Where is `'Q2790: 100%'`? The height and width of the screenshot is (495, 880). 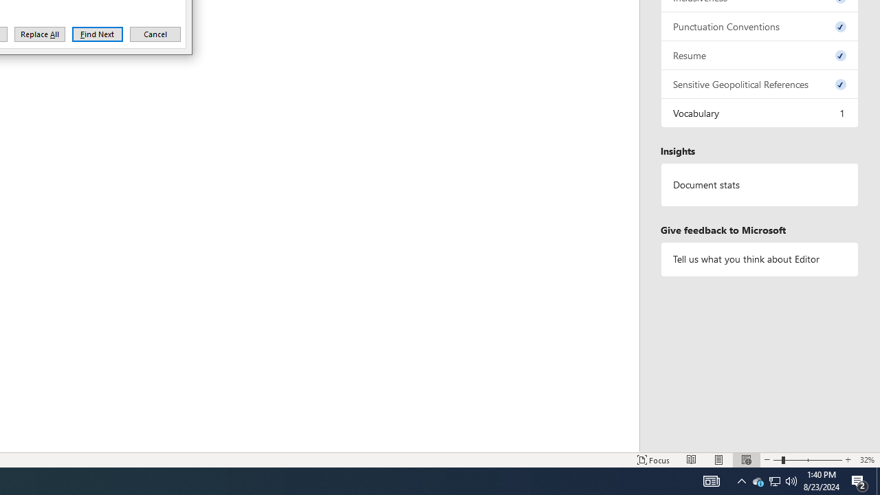 'Q2790: 100%' is located at coordinates (775, 480).